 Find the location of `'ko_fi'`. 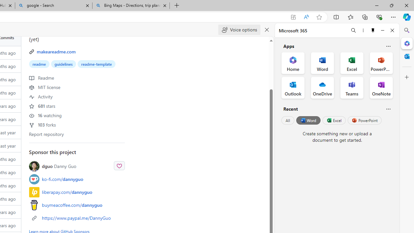

'ko_fi' is located at coordinates (34, 179).